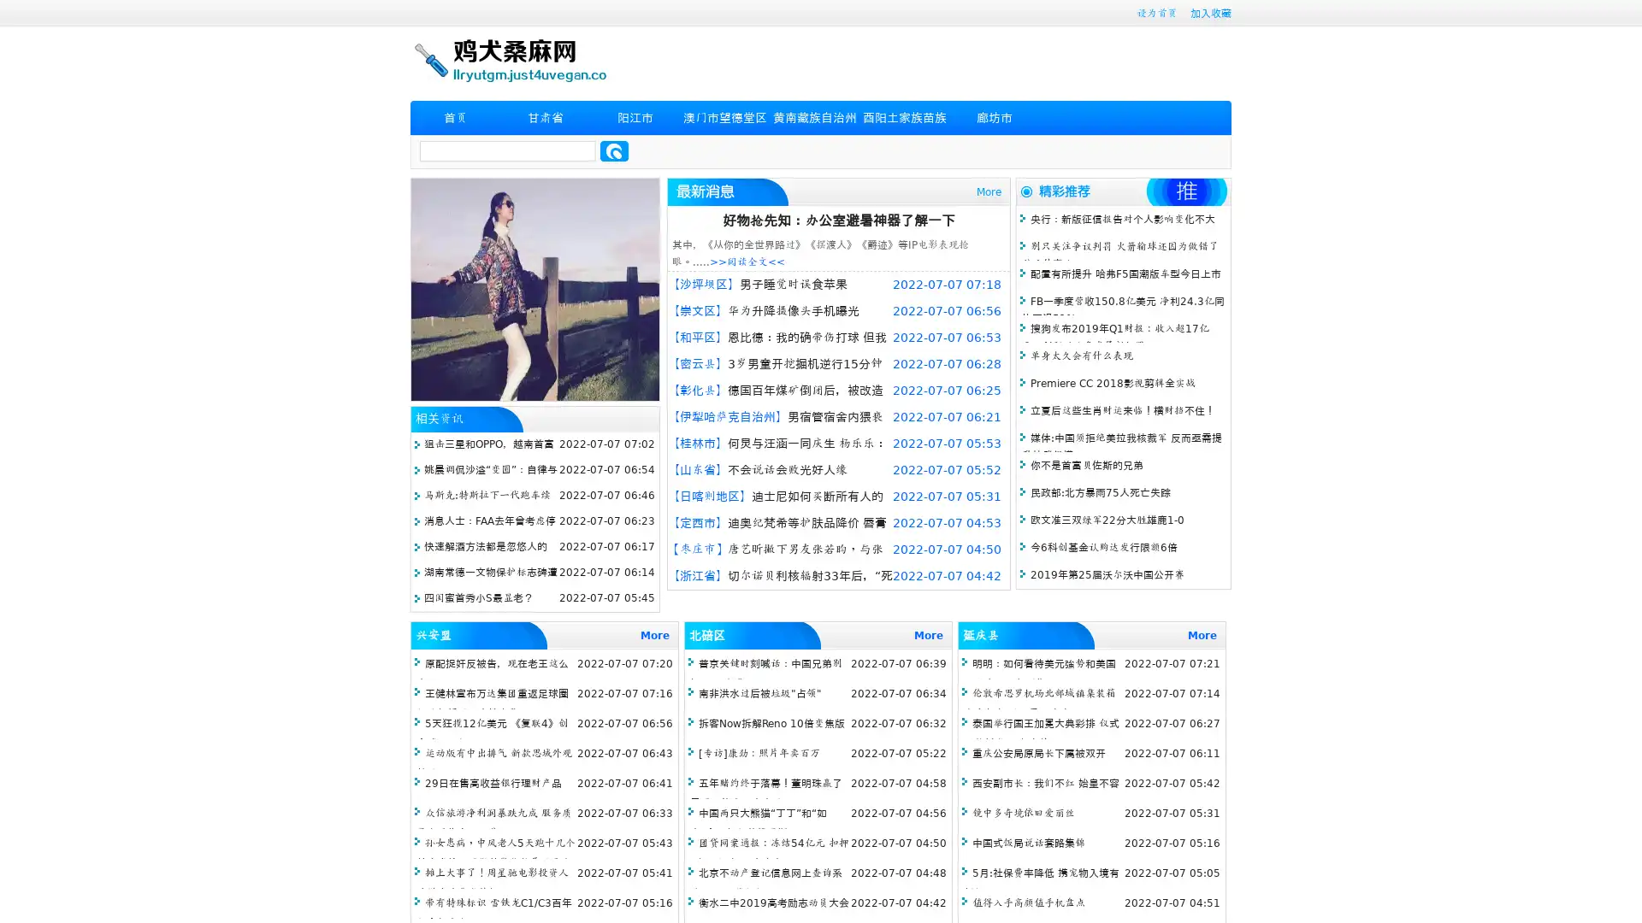 This screenshot has height=923, width=1642. Describe the element at coordinates (614, 150) in the screenshot. I see `Search` at that location.